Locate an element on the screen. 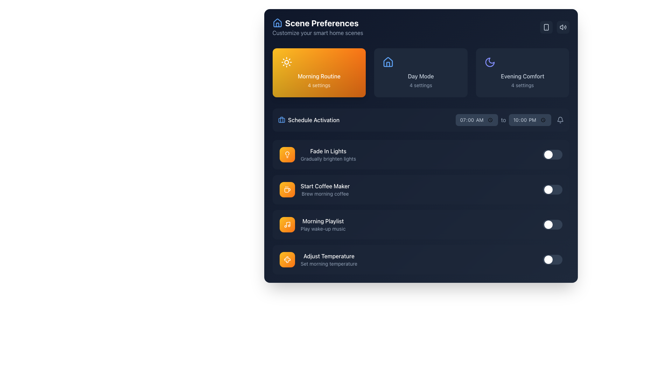  the toggle switch for the 'Fade In Lights' setting, which is the first row in the vertical list beneath the 'Schedule Activation' section is located at coordinates (420, 154).